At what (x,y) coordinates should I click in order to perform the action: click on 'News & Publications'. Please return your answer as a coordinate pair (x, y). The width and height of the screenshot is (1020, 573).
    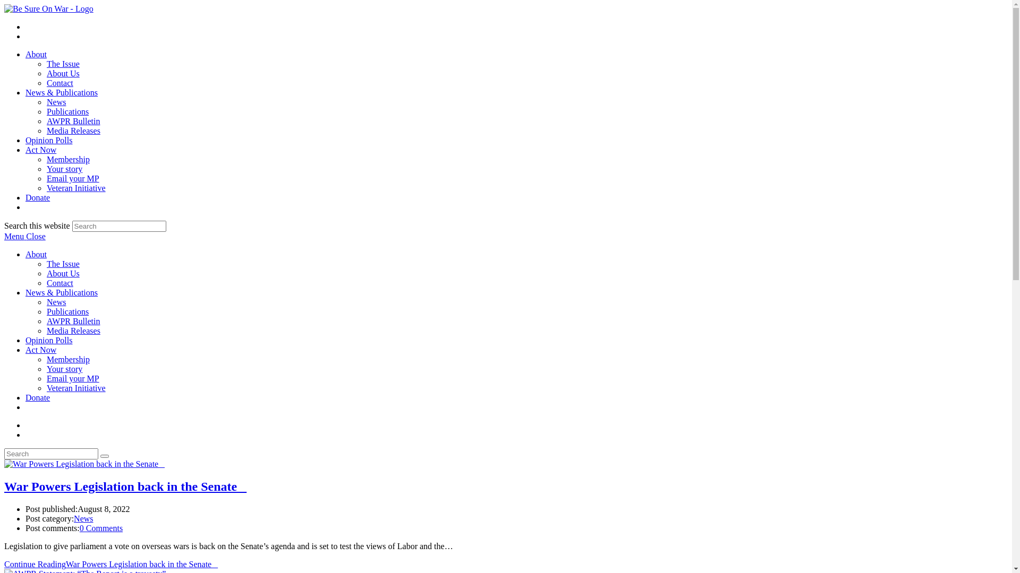
    Looking at the image, I should click on (61, 292).